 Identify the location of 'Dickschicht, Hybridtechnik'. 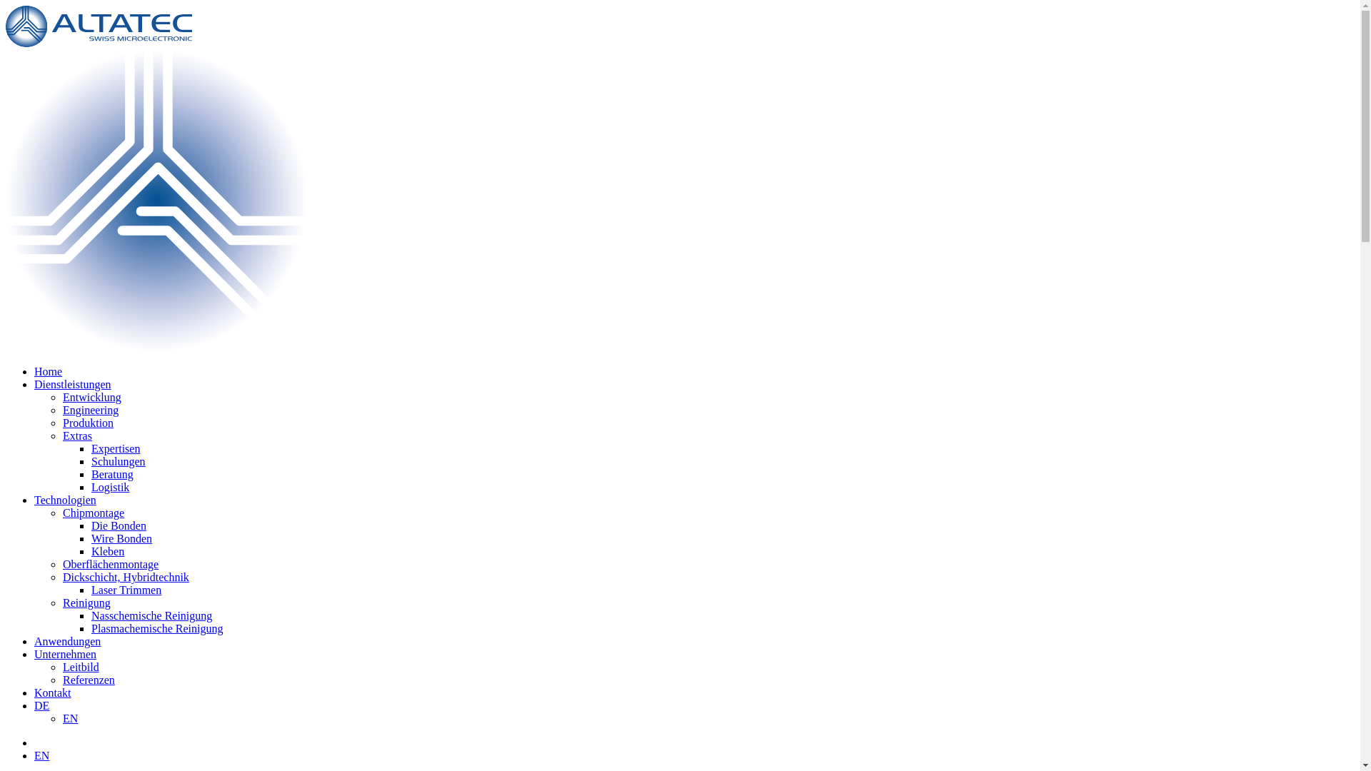
(126, 576).